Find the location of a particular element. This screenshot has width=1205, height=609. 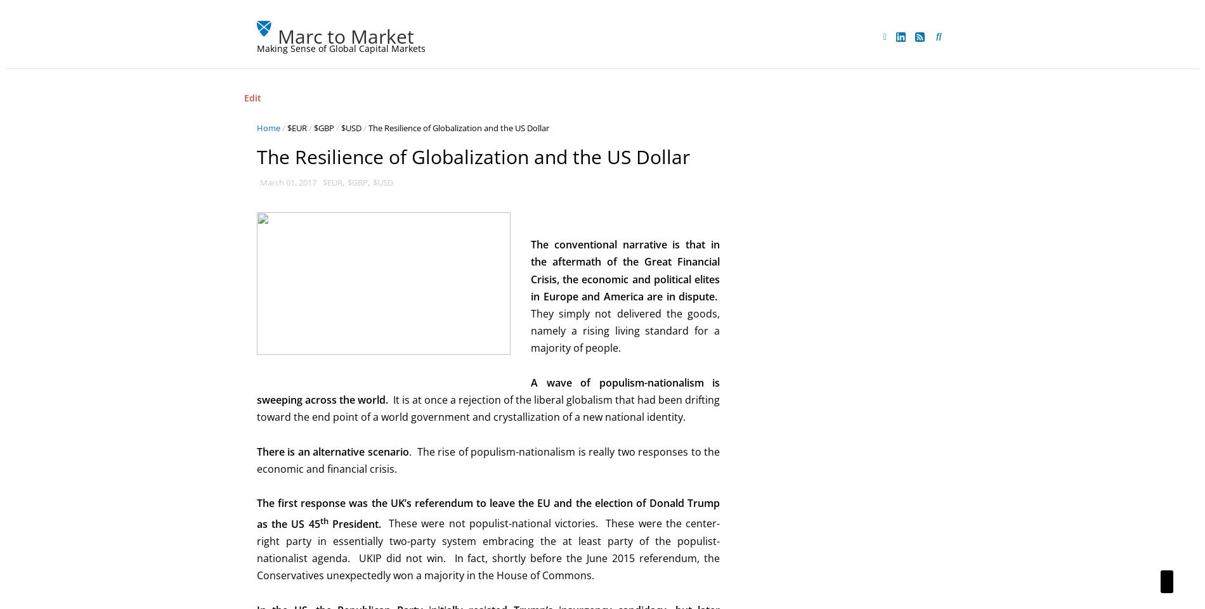

'Marc Chandler is Chief Market Strategist at Bannockburn Global Forex.' is located at coordinates (859, 181).